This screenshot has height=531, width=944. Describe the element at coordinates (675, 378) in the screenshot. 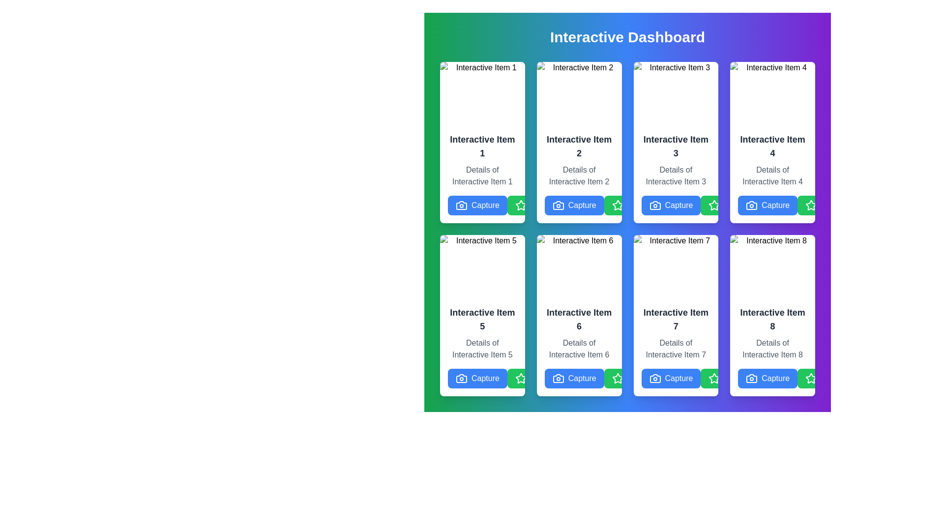

I see `the rectangular button labeled 'Capture' with a blue background and a camera icon, which is located beneath 'Details of Interactive Item 7' in the grid layout` at that location.